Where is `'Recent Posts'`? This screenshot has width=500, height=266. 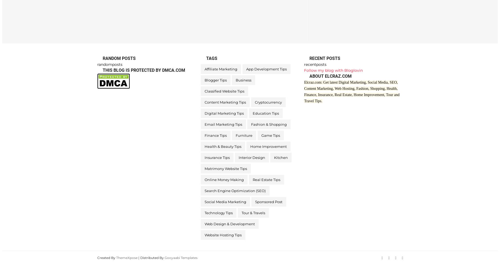 'Recent Posts' is located at coordinates (309, 58).